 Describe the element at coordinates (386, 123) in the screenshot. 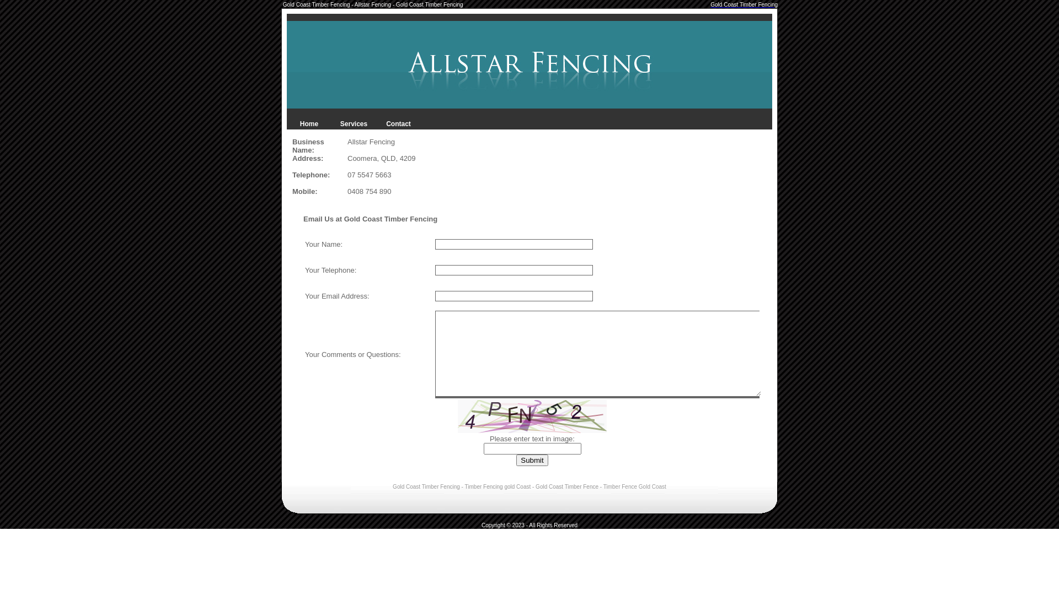

I see `'Contact'` at that location.